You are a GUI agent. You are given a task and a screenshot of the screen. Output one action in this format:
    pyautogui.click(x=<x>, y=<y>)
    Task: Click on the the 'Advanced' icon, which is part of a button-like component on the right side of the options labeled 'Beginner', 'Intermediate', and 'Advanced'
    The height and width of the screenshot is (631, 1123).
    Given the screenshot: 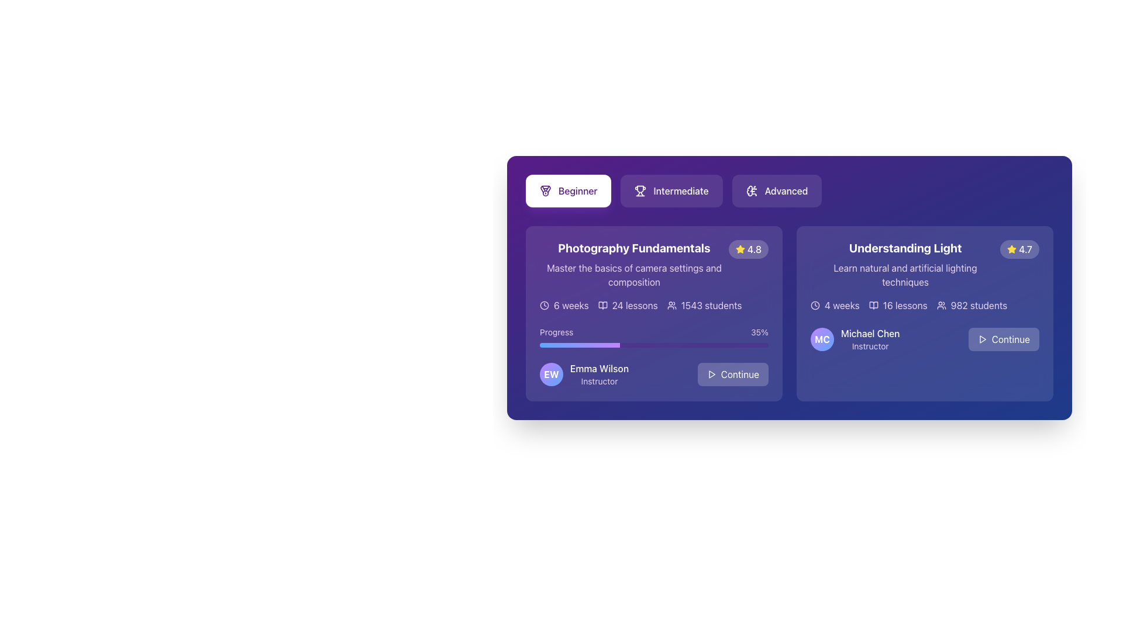 What is the action you would take?
    pyautogui.click(x=752, y=190)
    